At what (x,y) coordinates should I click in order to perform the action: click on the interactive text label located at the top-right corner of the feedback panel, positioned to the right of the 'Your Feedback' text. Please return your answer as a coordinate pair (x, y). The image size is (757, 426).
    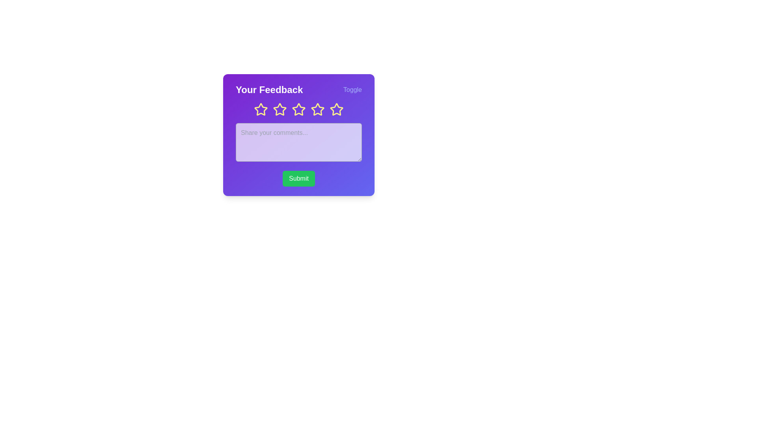
    Looking at the image, I should click on (352, 89).